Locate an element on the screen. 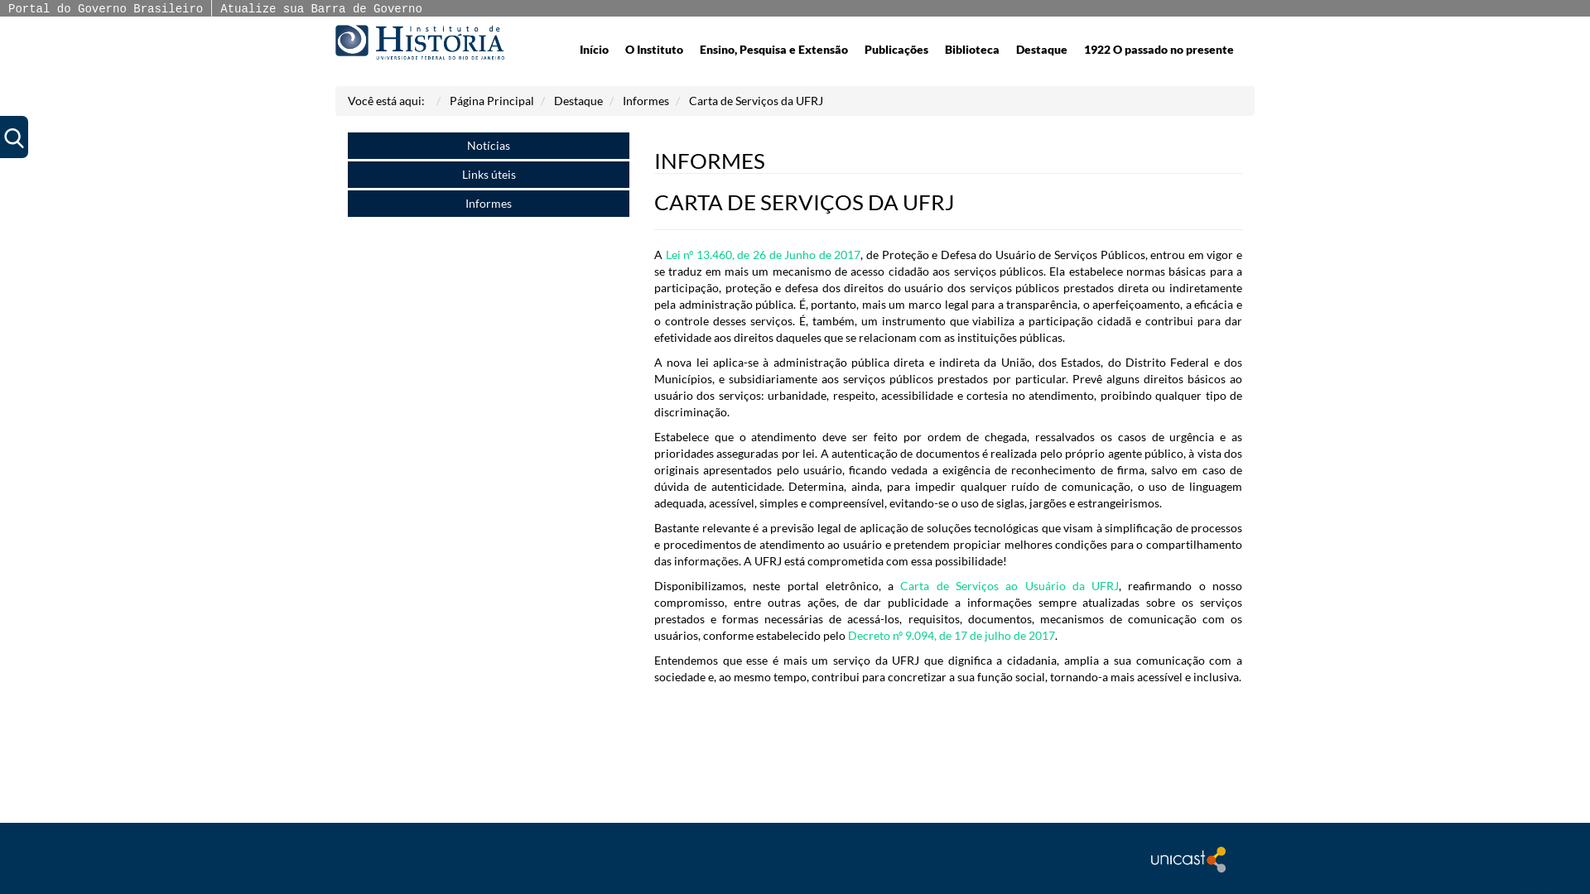 The height and width of the screenshot is (894, 1590). 'Biblioteca' is located at coordinates (972, 48).